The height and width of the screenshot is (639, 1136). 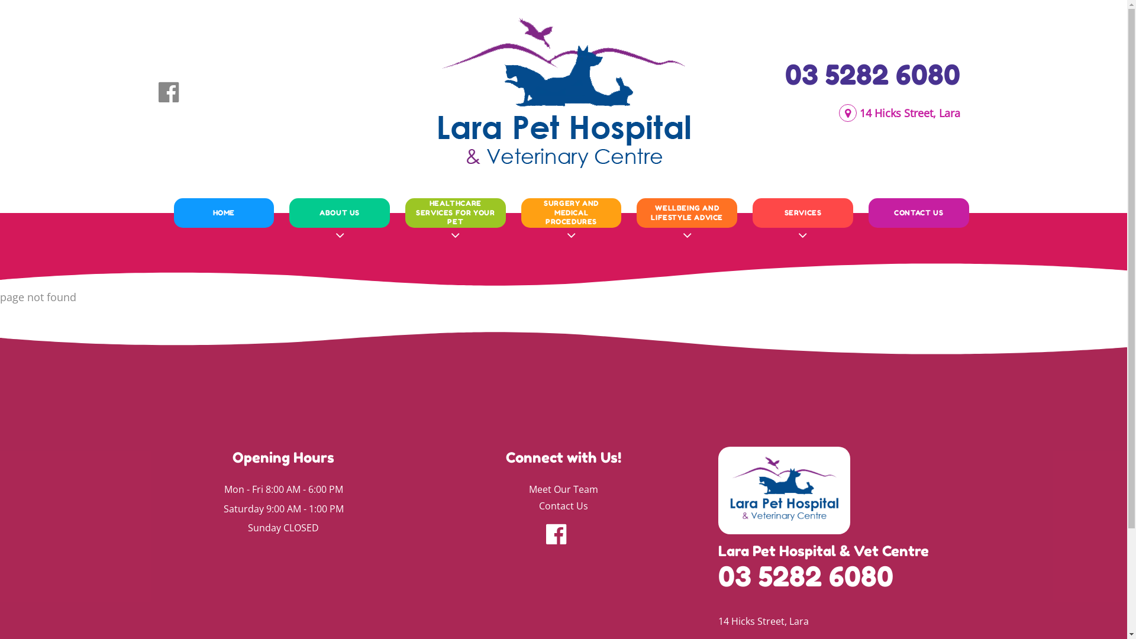 I want to click on 'Meet Our Team', so click(x=563, y=489).